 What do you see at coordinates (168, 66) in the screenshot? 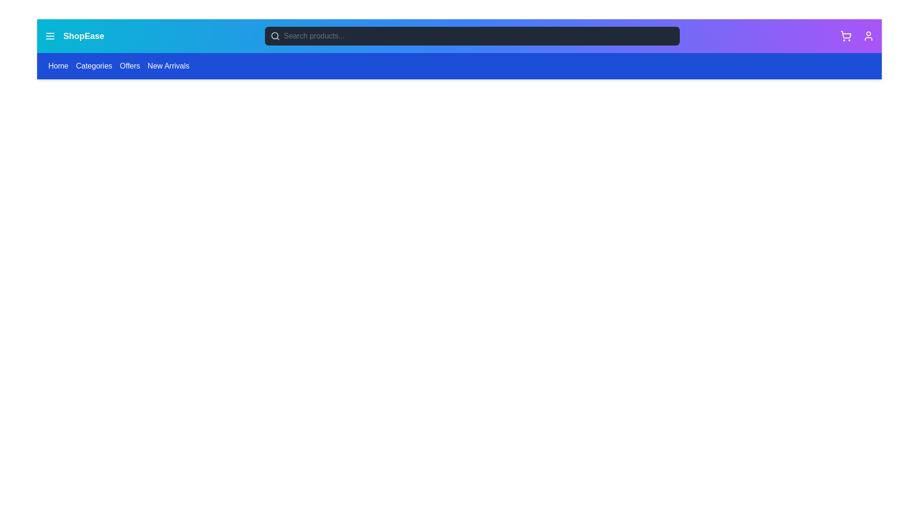
I see `the fourth item in the horizontal navigation bar, labeled 'New Arrivals'` at bounding box center [168, 66].